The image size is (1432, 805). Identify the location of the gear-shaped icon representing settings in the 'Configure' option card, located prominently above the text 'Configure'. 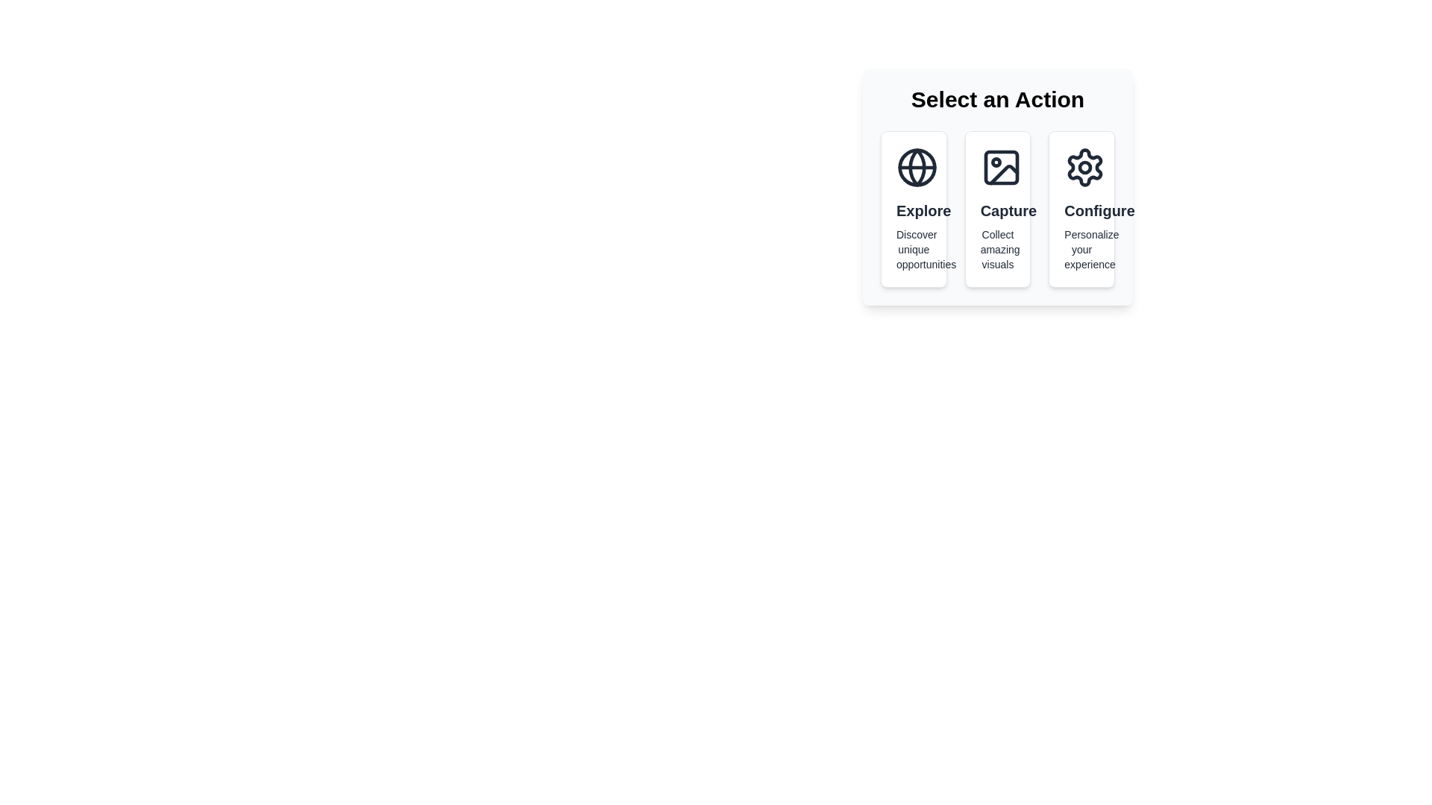
(1085, 167).